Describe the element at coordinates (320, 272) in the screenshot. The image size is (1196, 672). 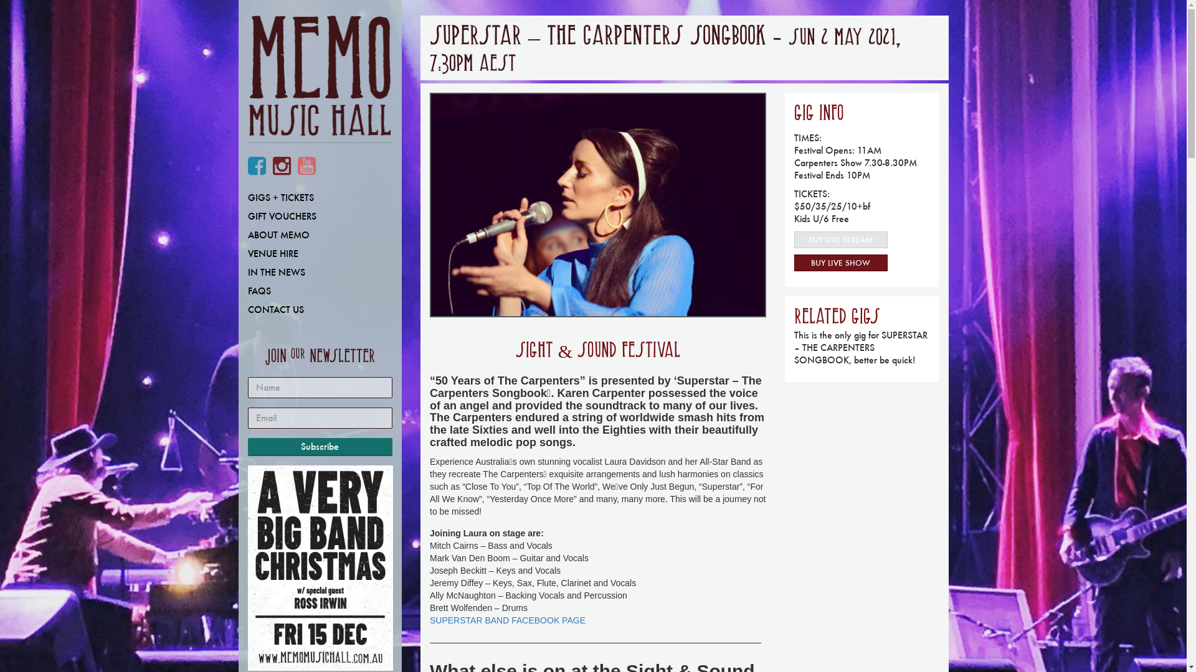
I see `'IN THE NEWS'` at that location.